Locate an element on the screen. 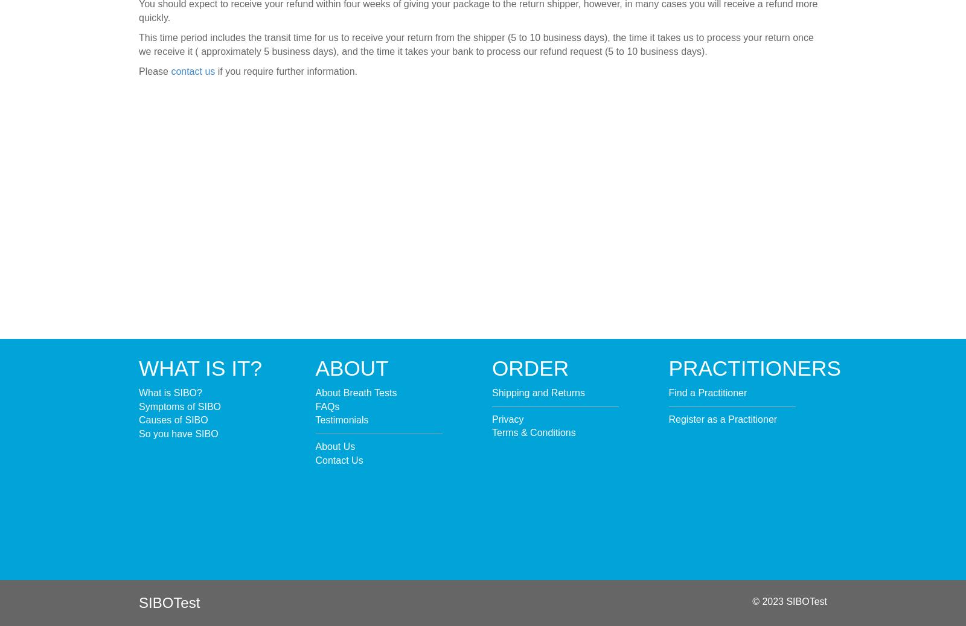 The image size is (966, 626). 'About Breath Tests' is located at coordinates (355, 391).